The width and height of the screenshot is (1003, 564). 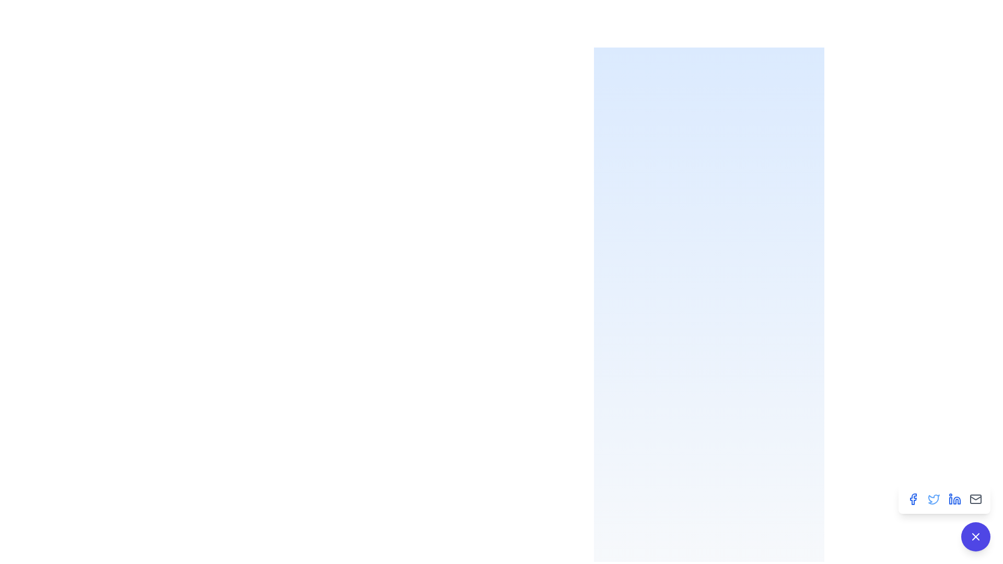 I want to click on the SVG-based 'X' icon in the bottom-right corner, so click(x=975, y=537).